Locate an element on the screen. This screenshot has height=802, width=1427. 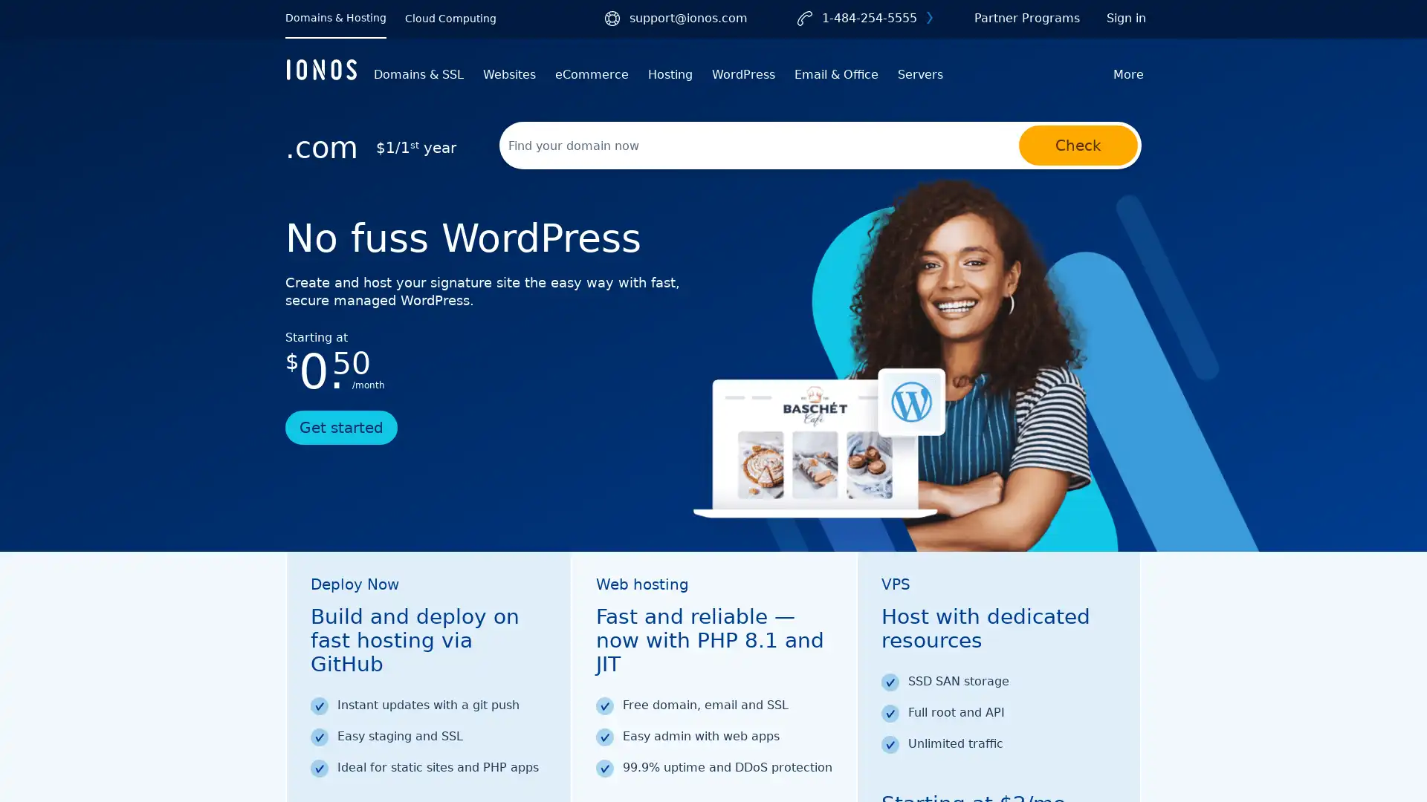
Servers is located at coordinates (899, 74).